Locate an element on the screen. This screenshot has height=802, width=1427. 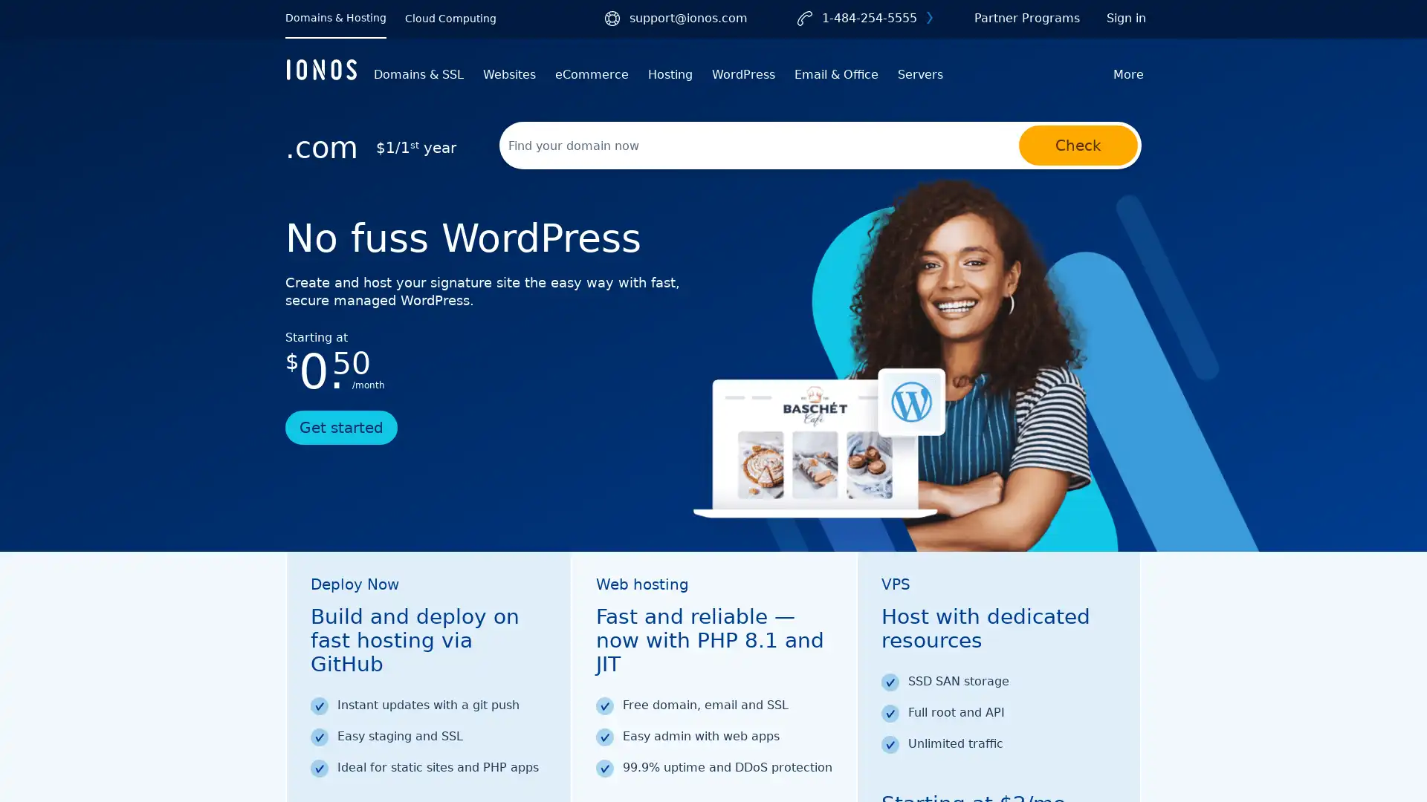
Servers is located at coordinates (899, 74).